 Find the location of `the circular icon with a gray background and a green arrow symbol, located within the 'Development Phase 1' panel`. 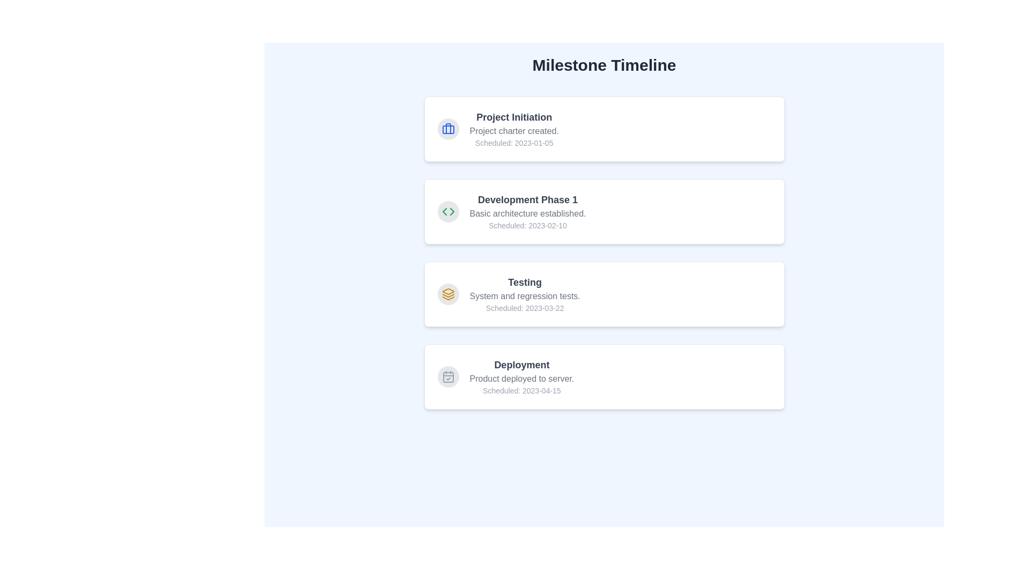

the circular icon with a gray background and a green arrow symbol, located within the 'Development Phase 1' panel is located at coordinates (448, 211).